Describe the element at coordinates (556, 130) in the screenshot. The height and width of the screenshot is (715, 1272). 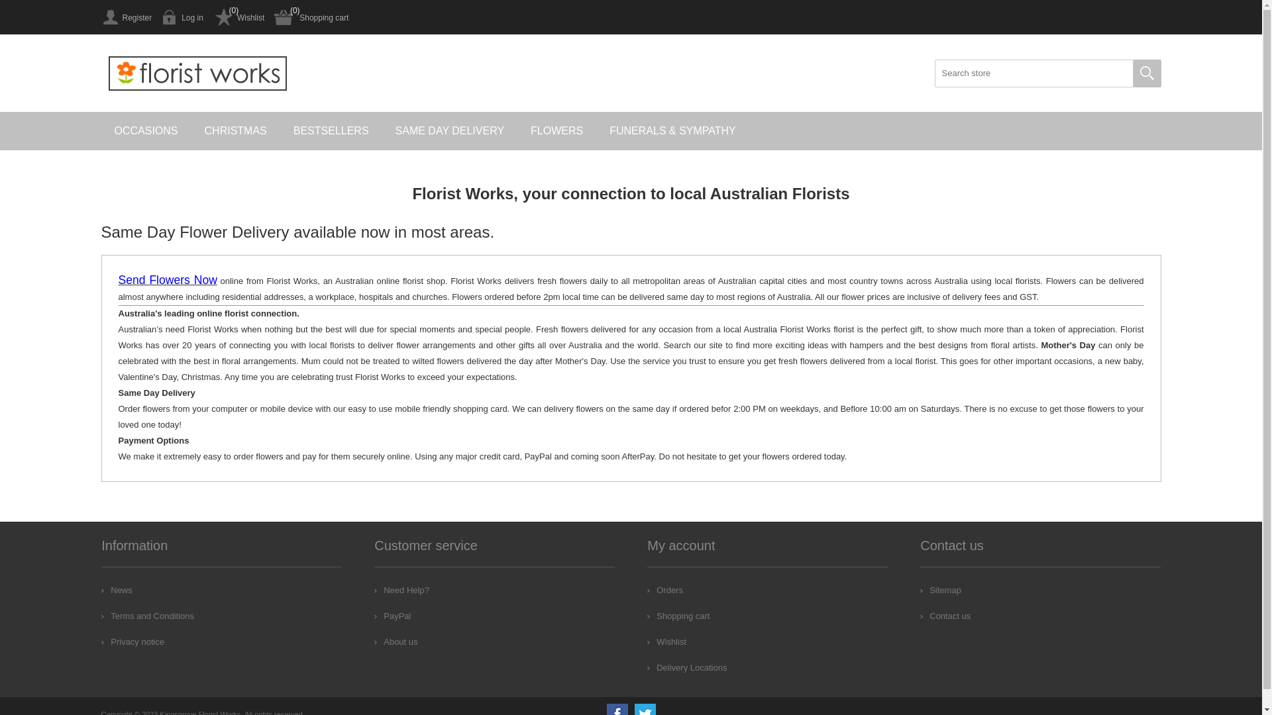
I see `'FLOWERS'` at that location.